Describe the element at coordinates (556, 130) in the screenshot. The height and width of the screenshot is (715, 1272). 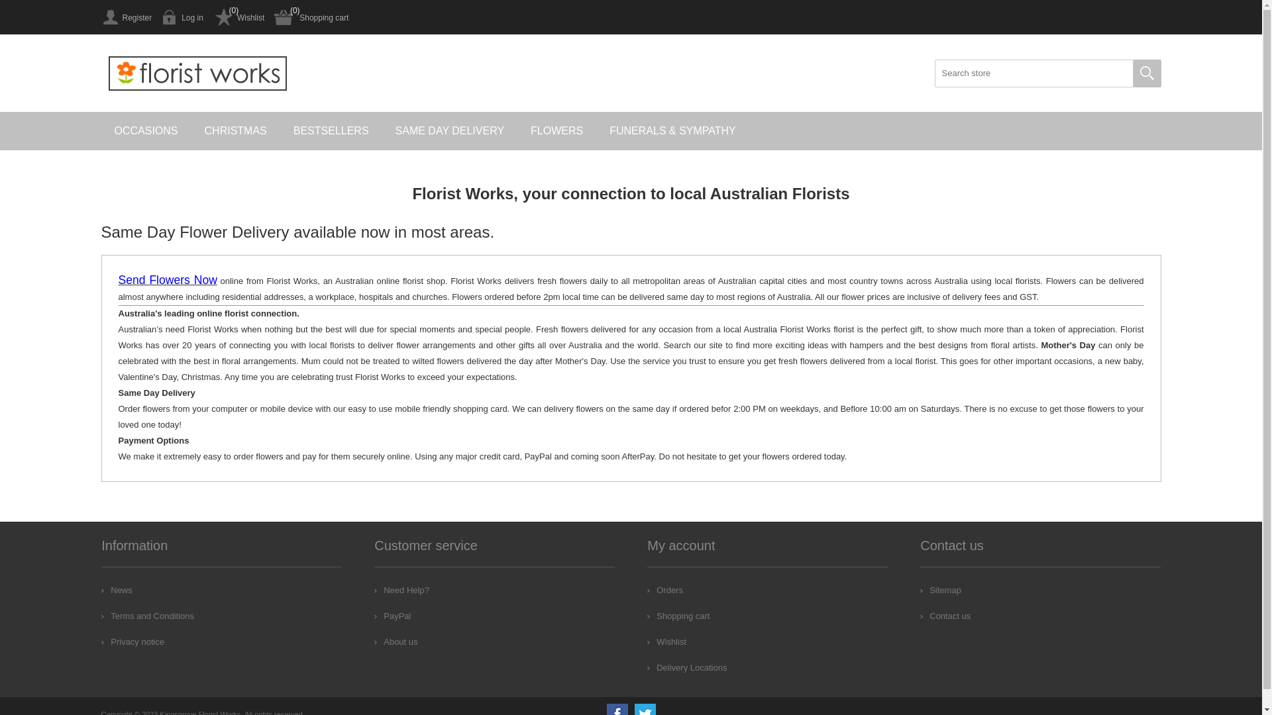
I see `'FLOWERS'` at that location.